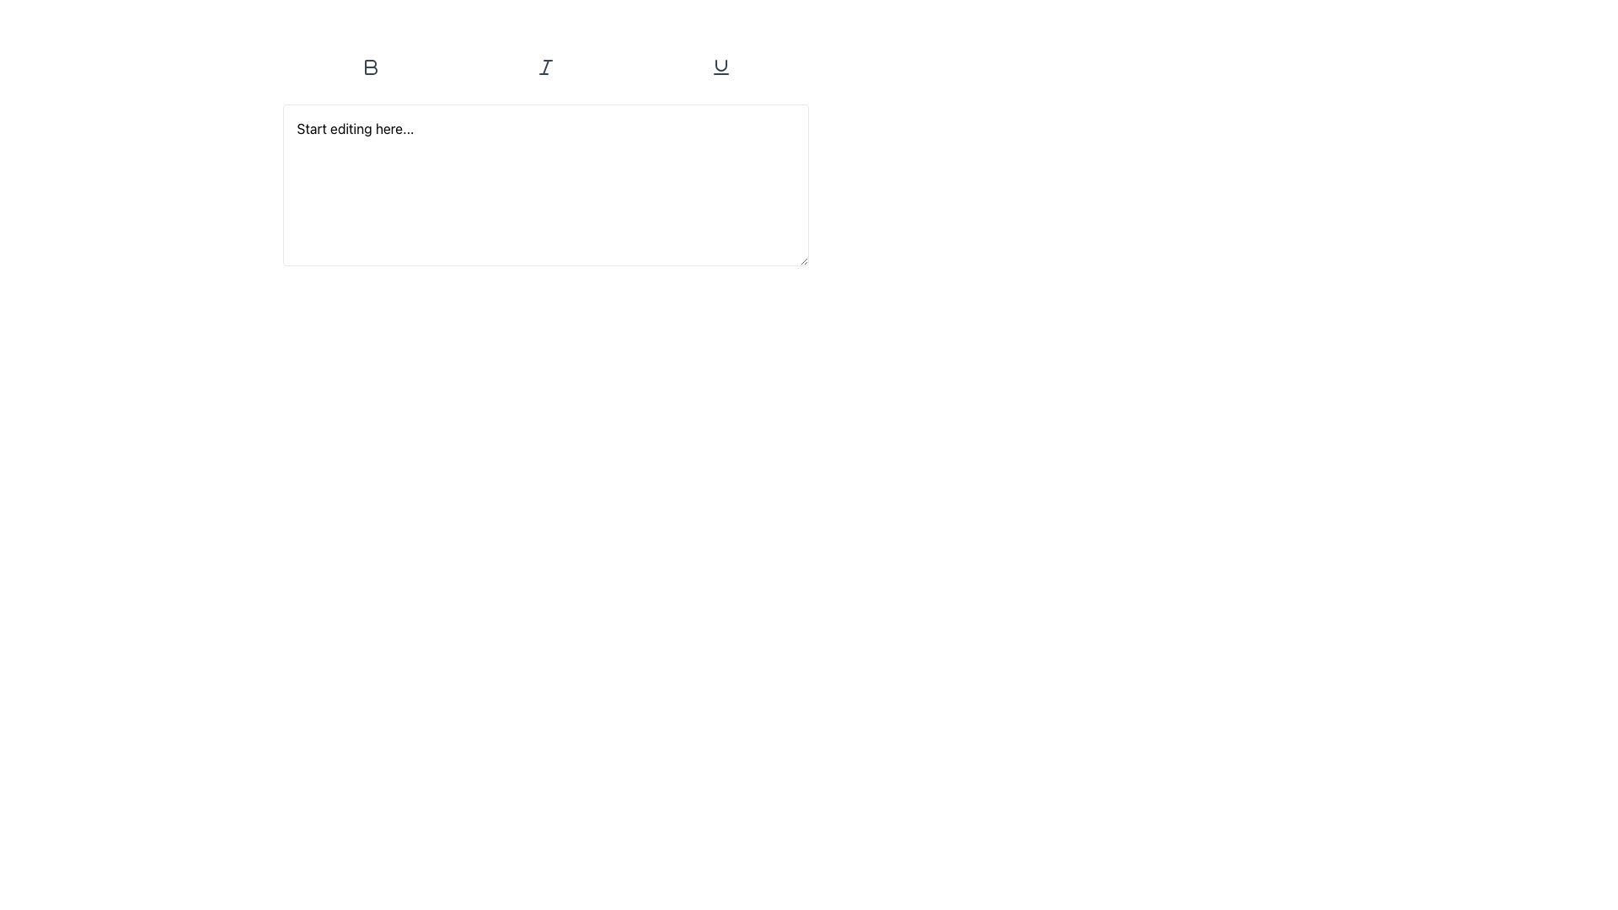 The height and width of the screenshot is (910, 1618). What do you see at coordinates (721, 67) in the screenshot?
I see `the underline formatting button icon located in the top-right corner of the text editor toolbar` at bounding box center [721, 67].